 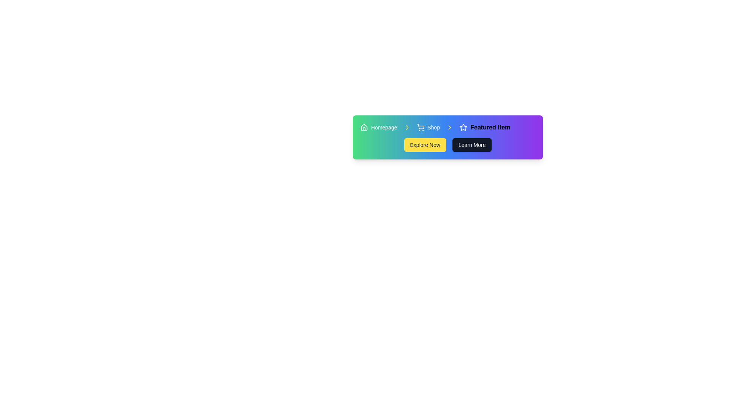 What do you see at coordinates (463, 127) in the screenshot?
I see `the star-shaped icon with a semi-transparent white fill located immediately to the left of the text 'Featured Item' in the breadcrumb navigation bar` at bounding box center [463, 127].